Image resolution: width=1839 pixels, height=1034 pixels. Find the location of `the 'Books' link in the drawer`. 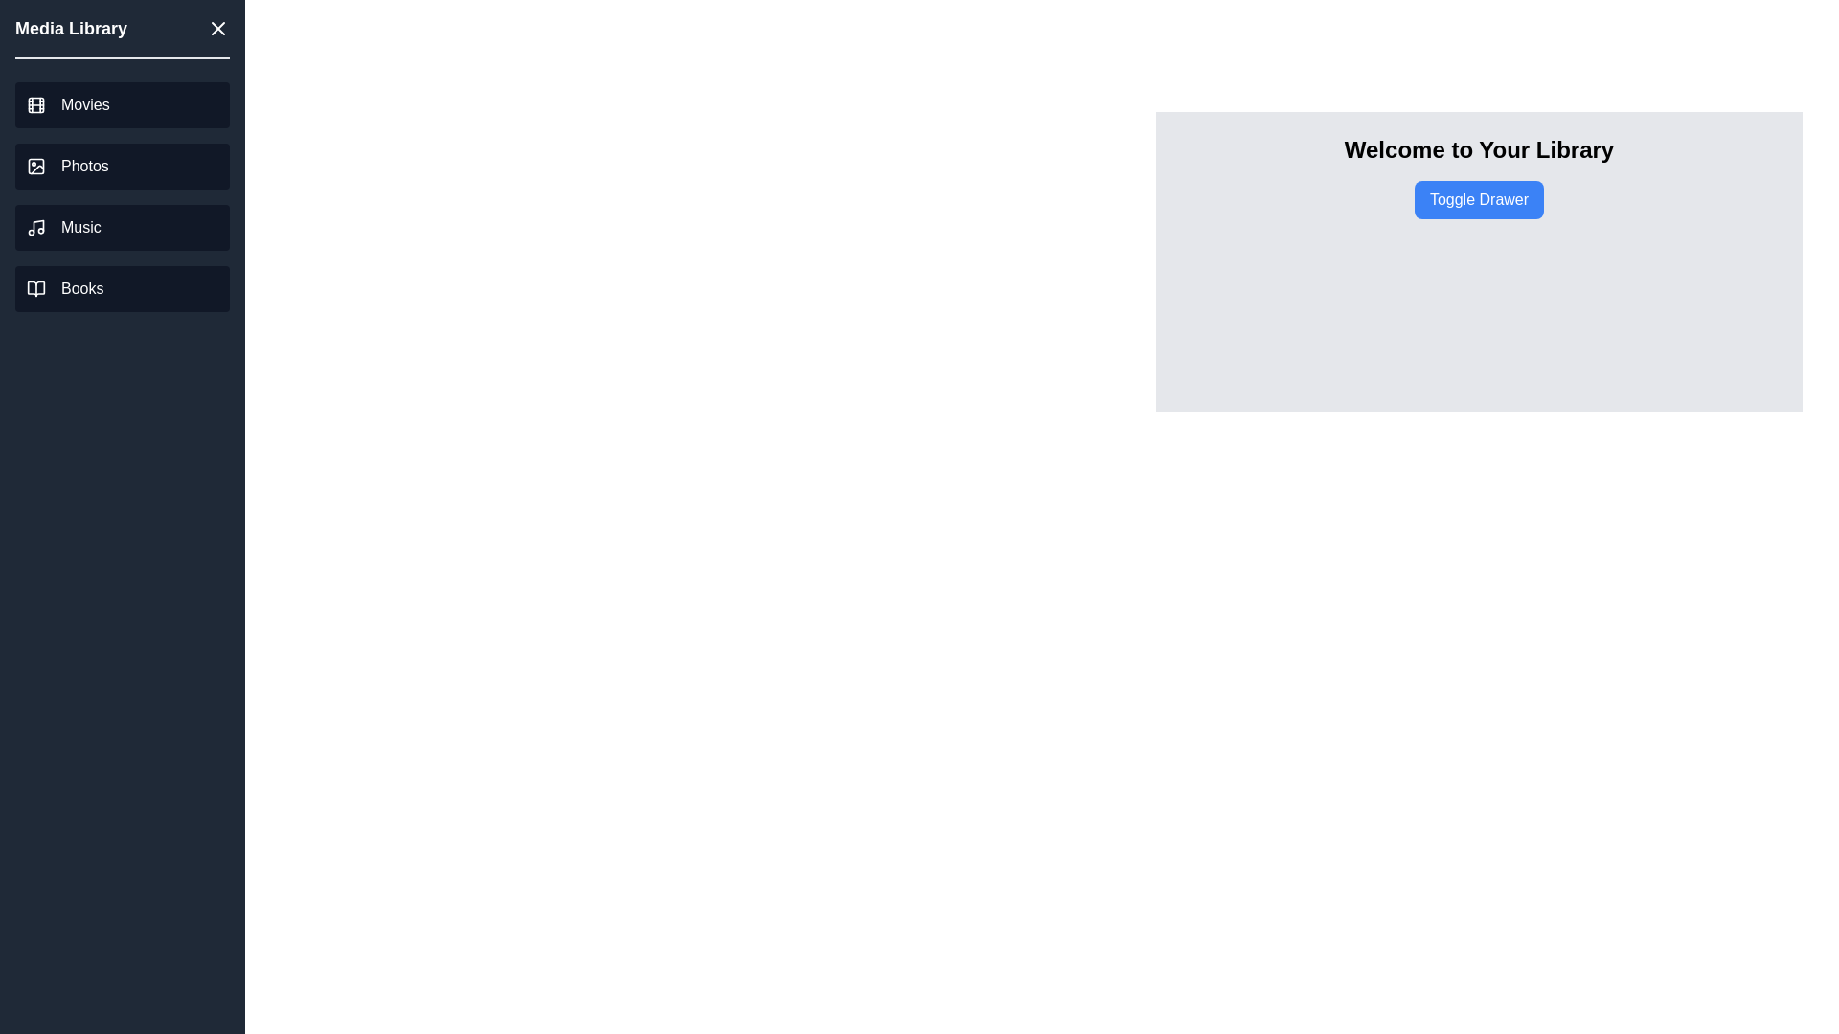

the 'Books' link in the drawer is located at coordinates (122, 288).